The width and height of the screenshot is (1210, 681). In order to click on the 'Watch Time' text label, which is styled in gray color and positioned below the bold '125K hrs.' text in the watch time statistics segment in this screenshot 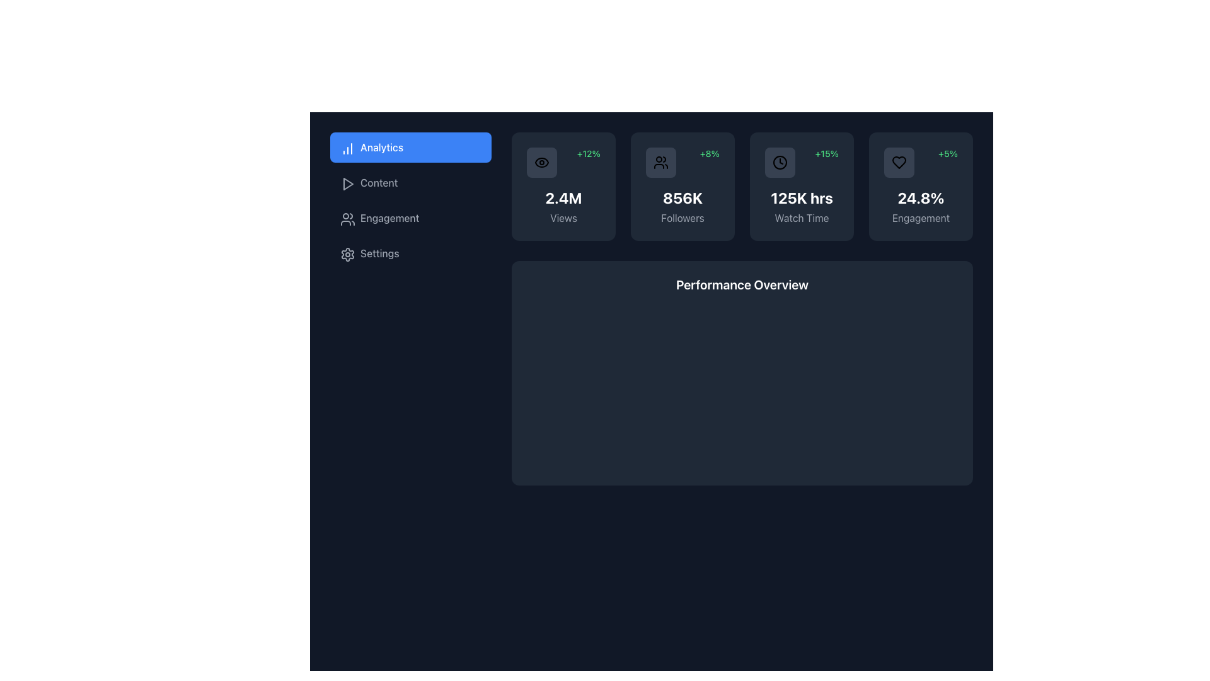, I will do `click(801, 218)`.